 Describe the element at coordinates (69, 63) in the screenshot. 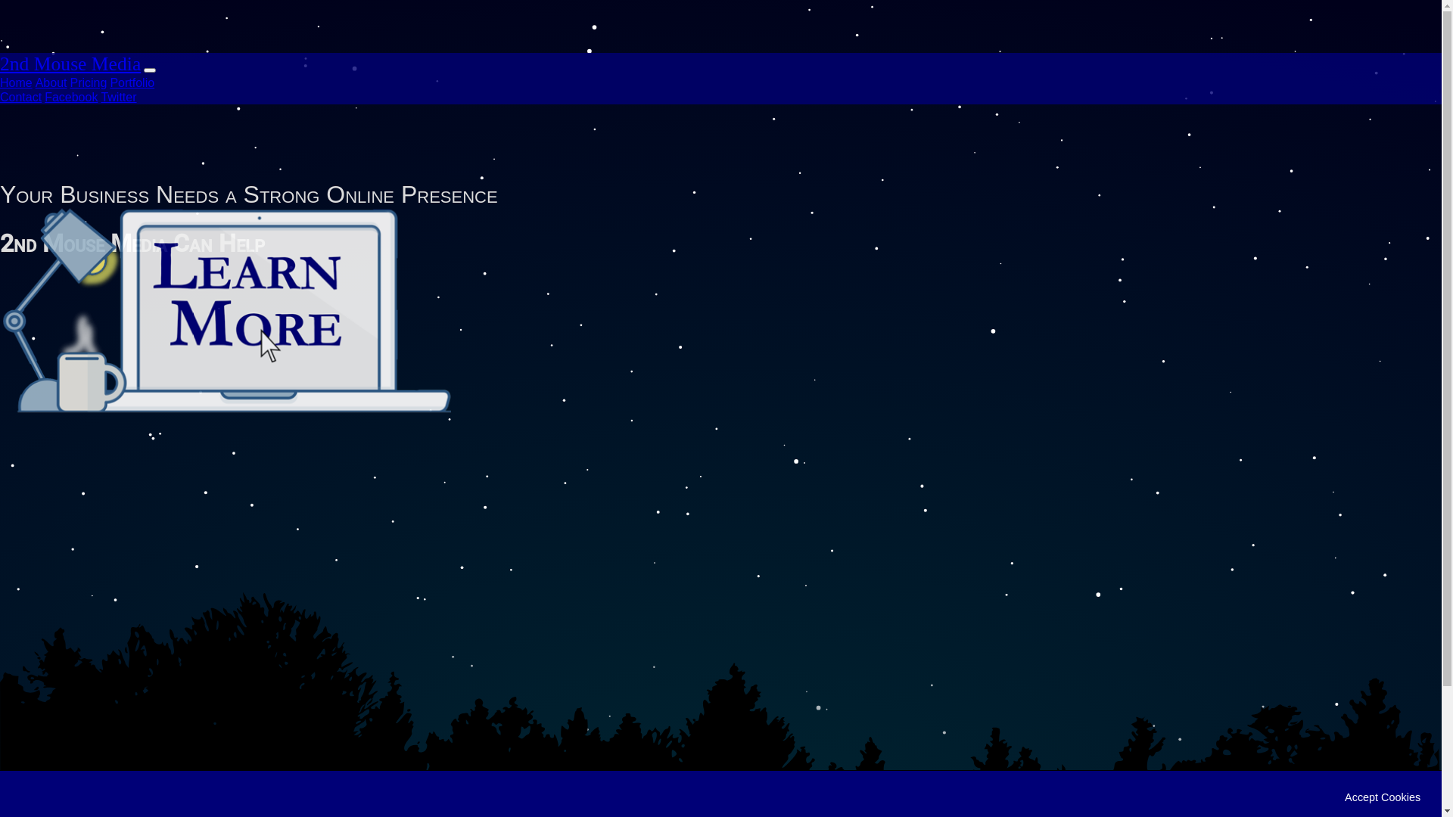

I see `'2nd Mouse Media'` at that location.